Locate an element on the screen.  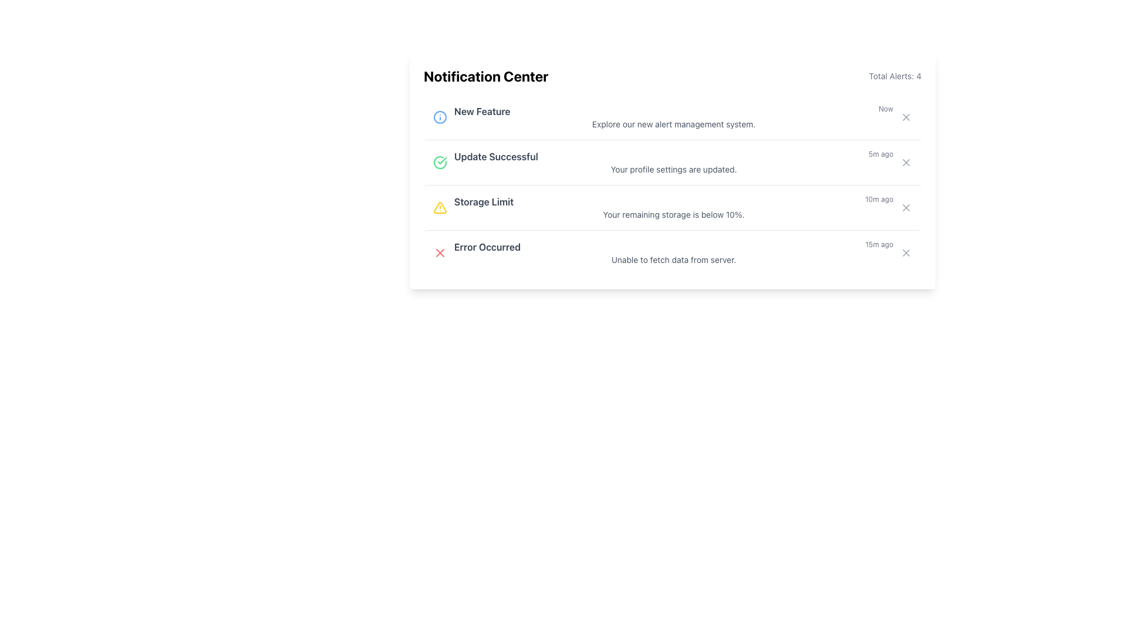
text content of the title label in the second notification entry row, which is positioned to the left of a timestamp and adjacent to an icon is located at coordinates (496, 156).